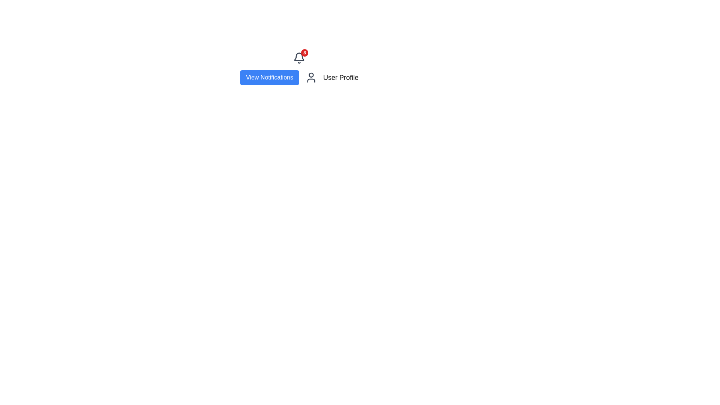 The height and width of the screenshot is (405, 720). I want to click on the static text label that identifies the user profile section, located immediately to the right of the user figure icon and aligned with the 'View Notifications' button, so click(340, 78).